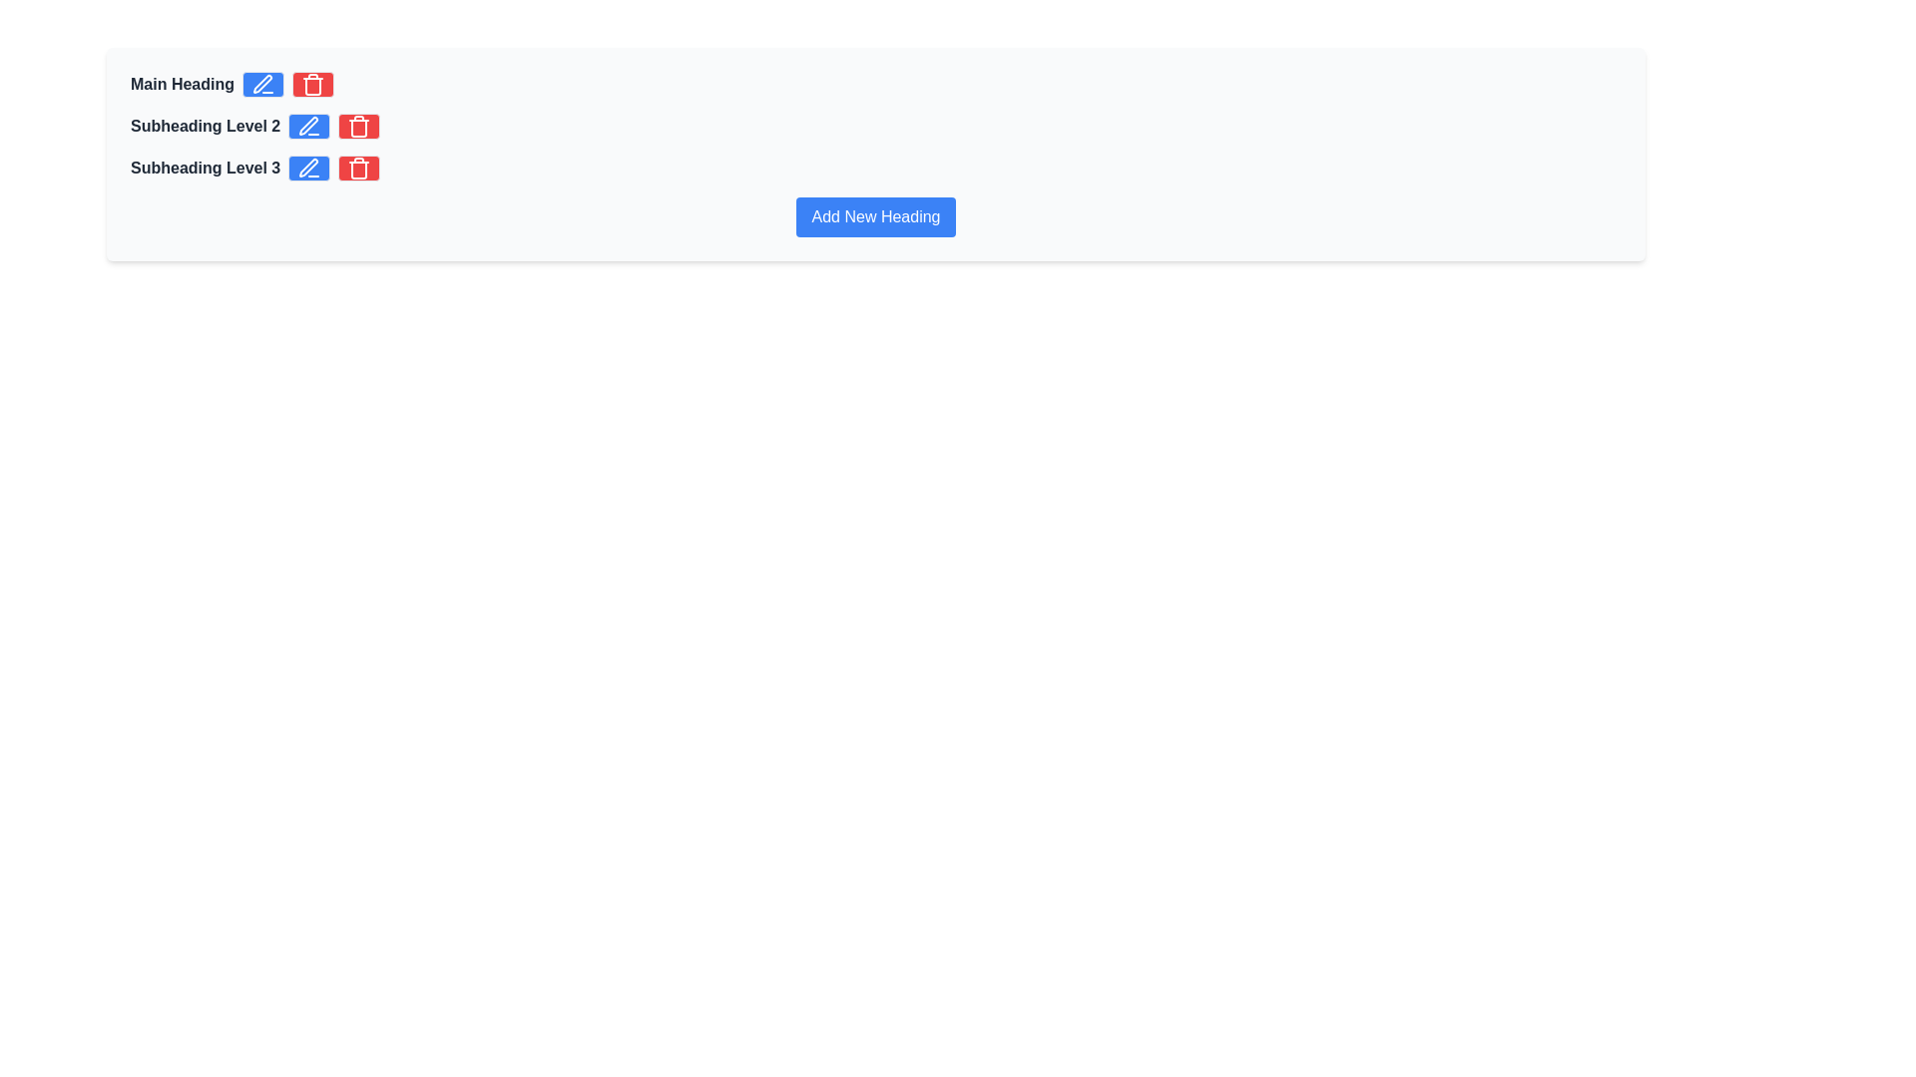 This screenshot has height=1077, width=1916. I want to click on the trash bin icon button, which is outlined in thin lines and has a white color on a square red background, so click(311, 83).